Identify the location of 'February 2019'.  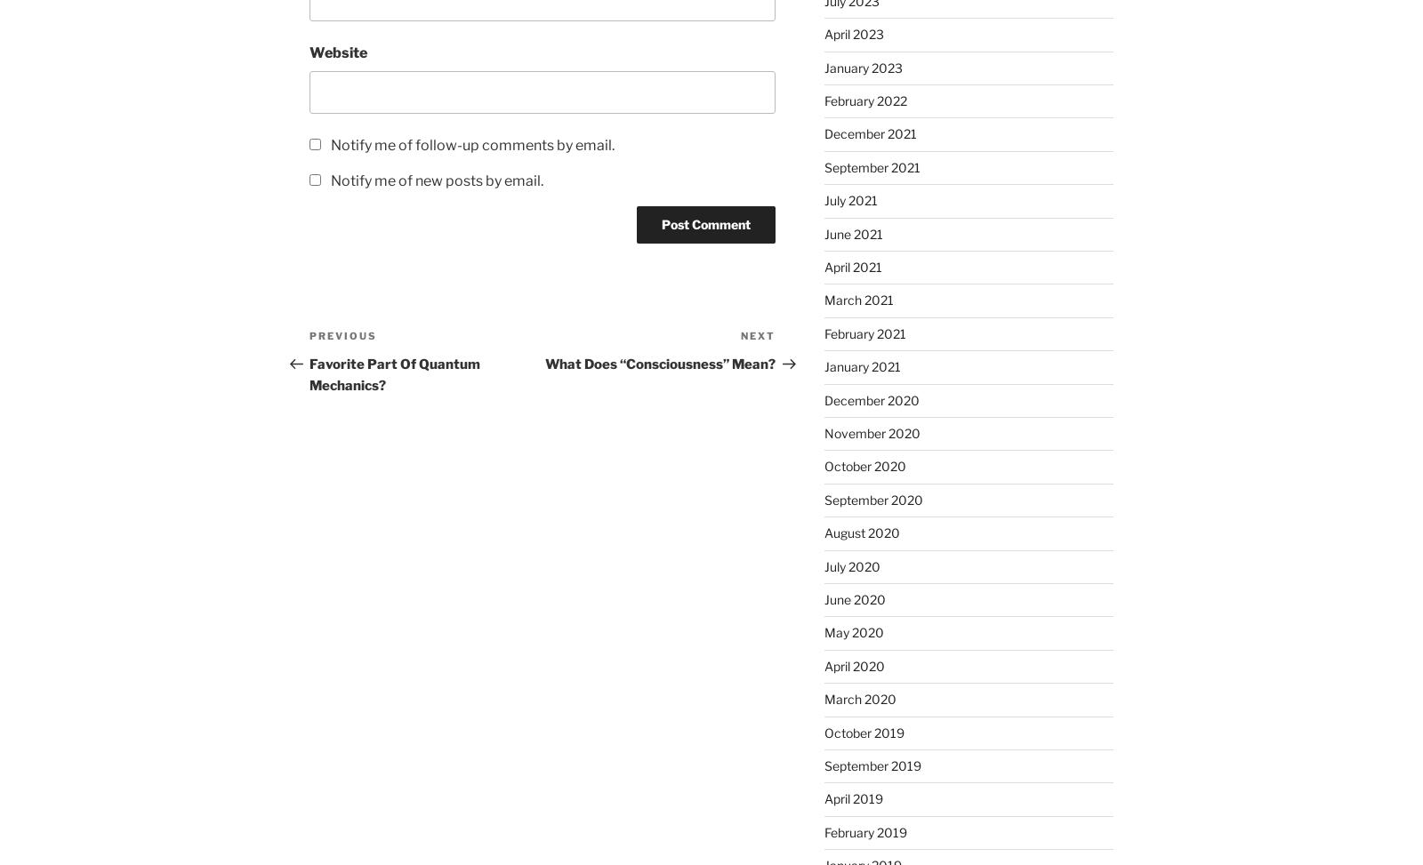
(864, 830).